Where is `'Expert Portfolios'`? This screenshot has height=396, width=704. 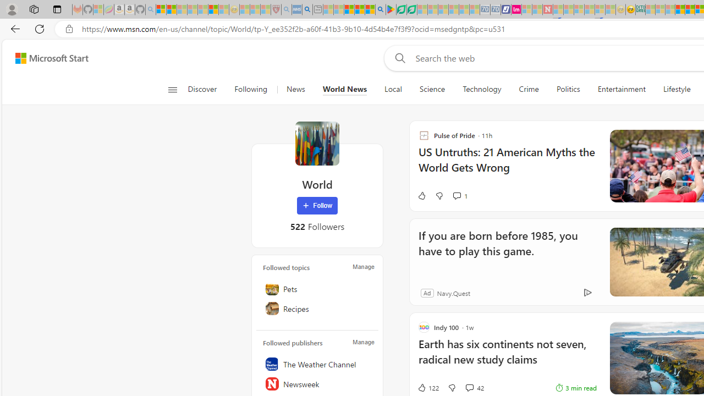 'Expert Portfolios' is located at coordinates (679, 9).